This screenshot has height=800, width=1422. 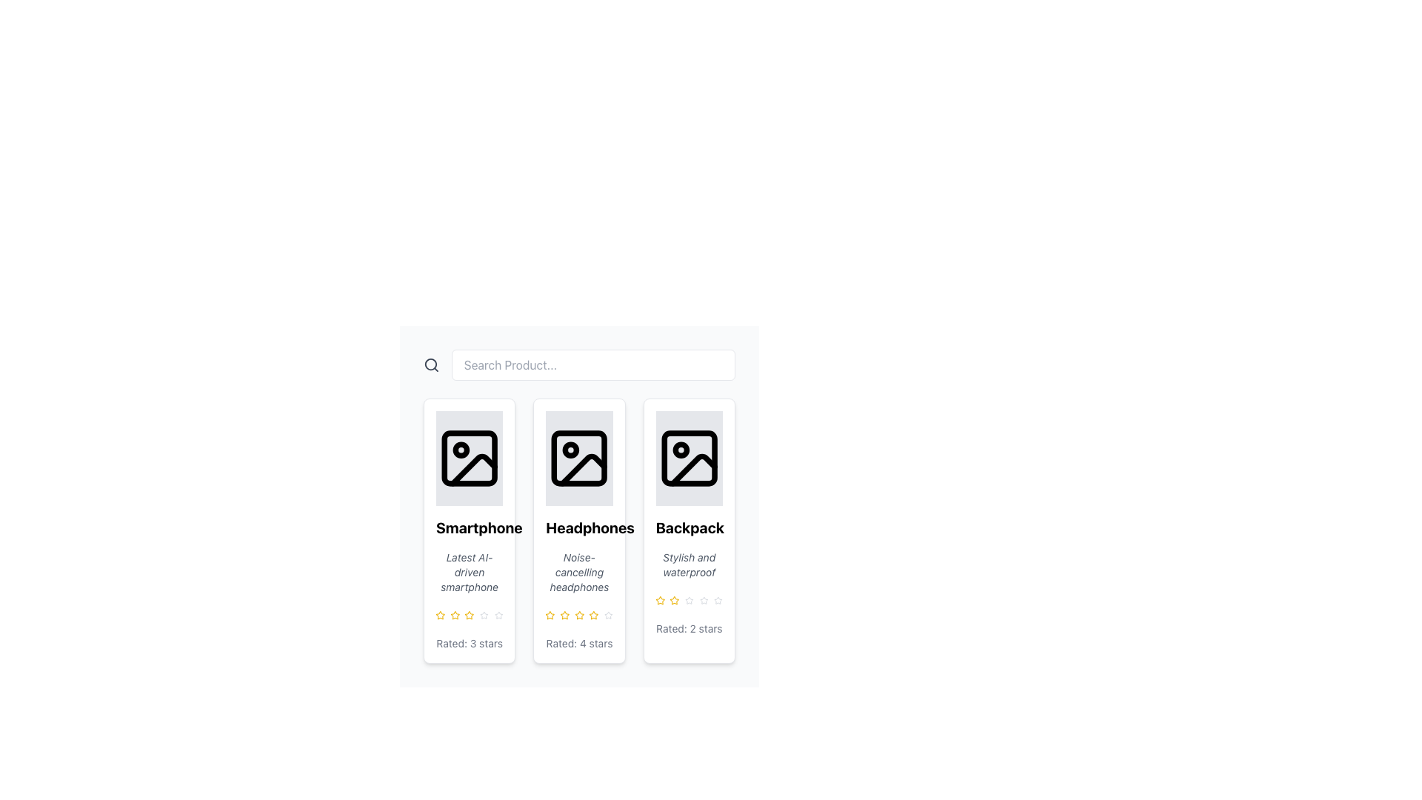 I want to click on the third rating star representing the product 'Backpack Stylish and waterproof', so click(x=688, y=600).